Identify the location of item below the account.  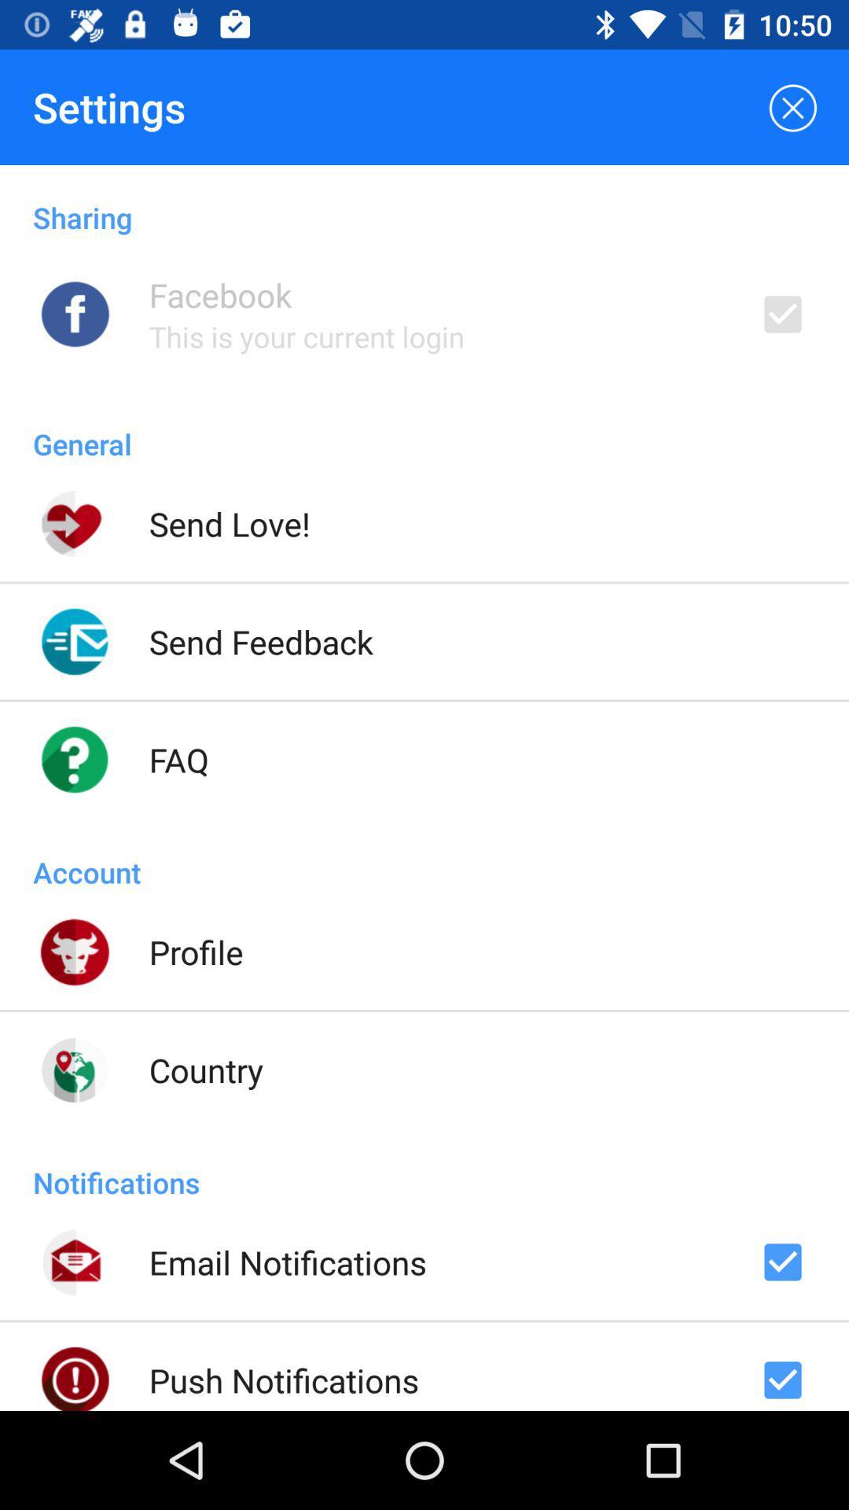
(195, 951).